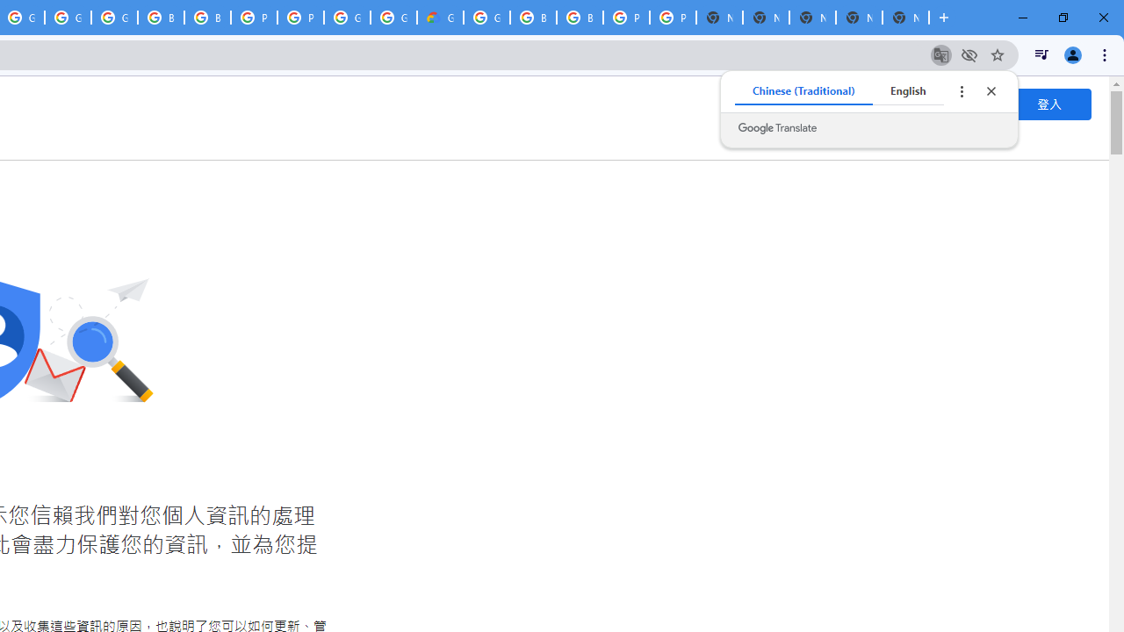 Image resolution: width=1124 pixels, height=632 pixels. What do you see at coordinates (803, 91) in the screenshot?
I see `'Chinese (Traditional)'` at bounding box center [803, 91].